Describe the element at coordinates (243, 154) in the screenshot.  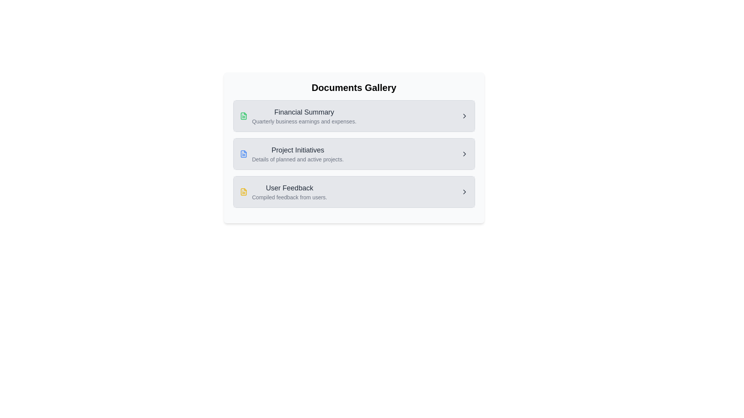
I see `the icon in the 'Project Initiatives' section, located at the far left of the row, which serves as a visual indicator for content type` at that location.